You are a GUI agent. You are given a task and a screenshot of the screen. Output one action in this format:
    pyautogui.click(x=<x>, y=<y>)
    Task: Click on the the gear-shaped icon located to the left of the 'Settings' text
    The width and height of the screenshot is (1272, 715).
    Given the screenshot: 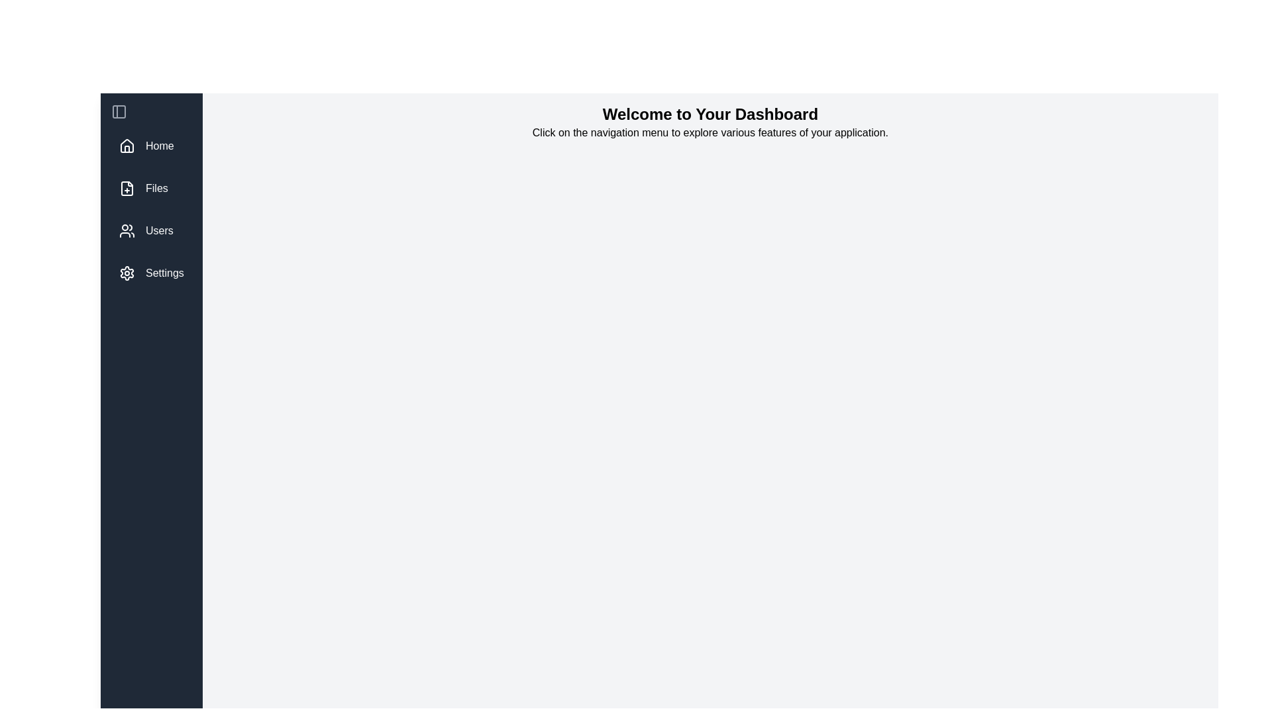 What is the action you would take?
    pyautogui.click(x=127, y=272)
    